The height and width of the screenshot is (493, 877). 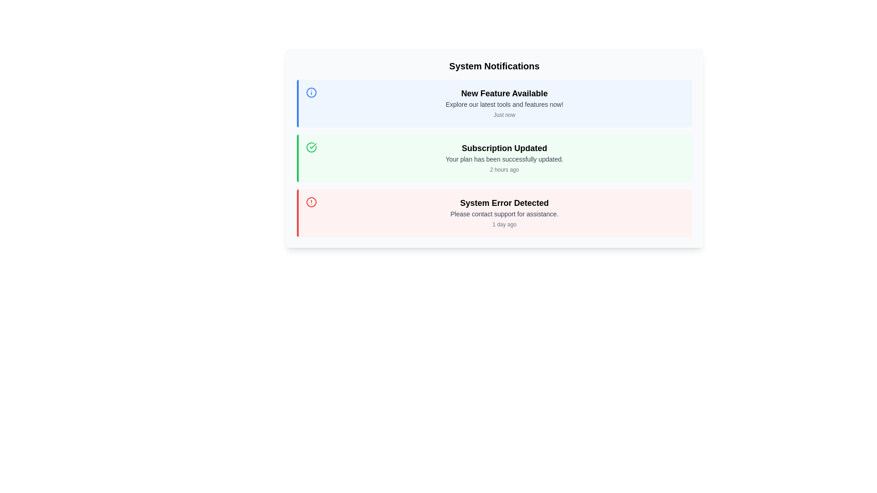 I want to click on the circular green icon with a checkmark inside, located in the second notification block next to the 'Subscription Updated' text, so click(x=311, y=147).